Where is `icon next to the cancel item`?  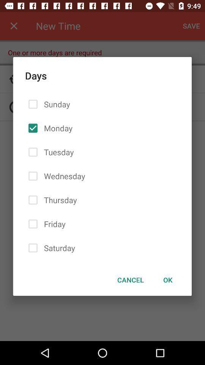
icon next to the cancel item is located at coordinates (168, 279).